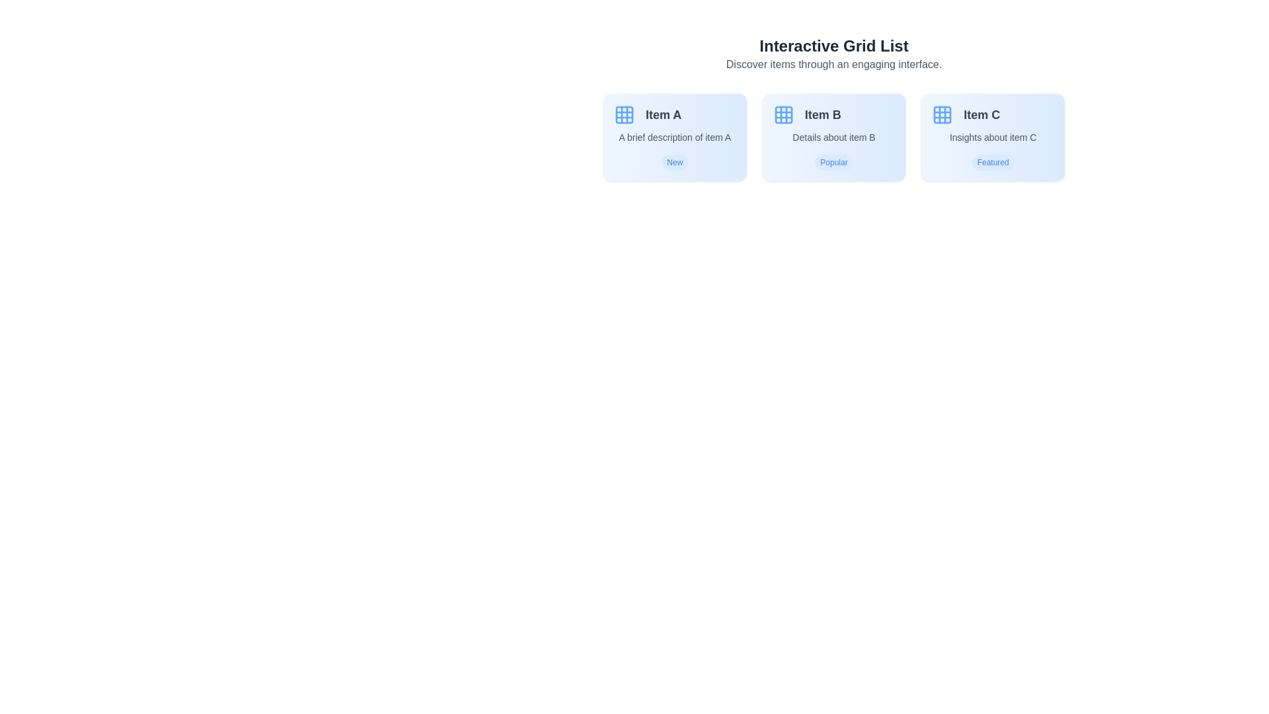 This screenshot has height=714, width=1269. I want to click on the tag associated with Item B to view its details, so click(833, 162).